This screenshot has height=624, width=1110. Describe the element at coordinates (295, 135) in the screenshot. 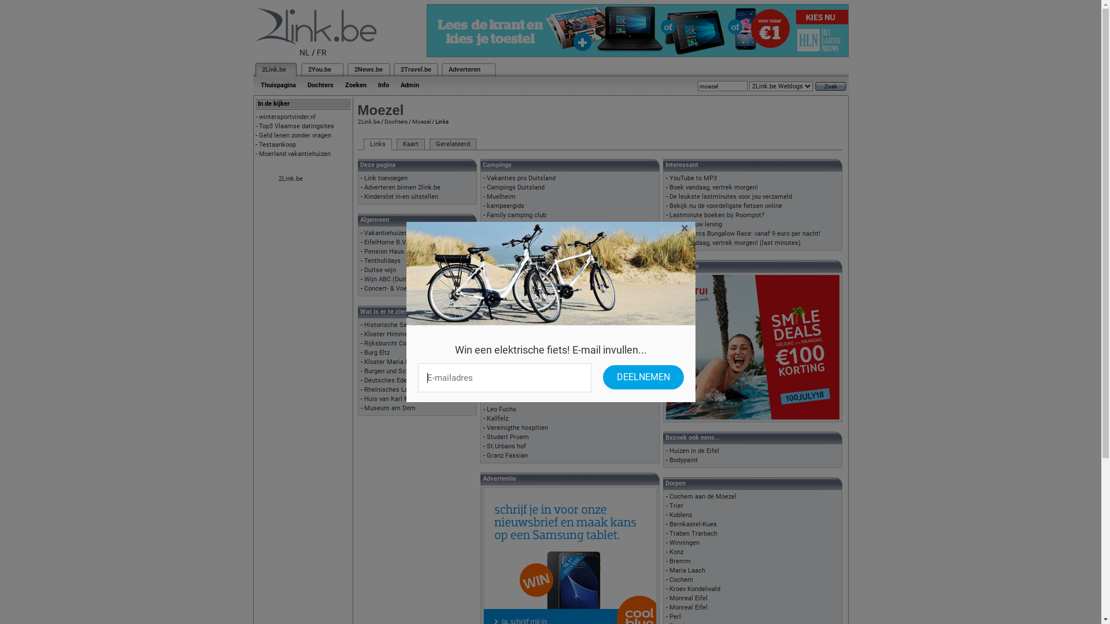

I see `'Geld lenen zonder vragen'` at that location.